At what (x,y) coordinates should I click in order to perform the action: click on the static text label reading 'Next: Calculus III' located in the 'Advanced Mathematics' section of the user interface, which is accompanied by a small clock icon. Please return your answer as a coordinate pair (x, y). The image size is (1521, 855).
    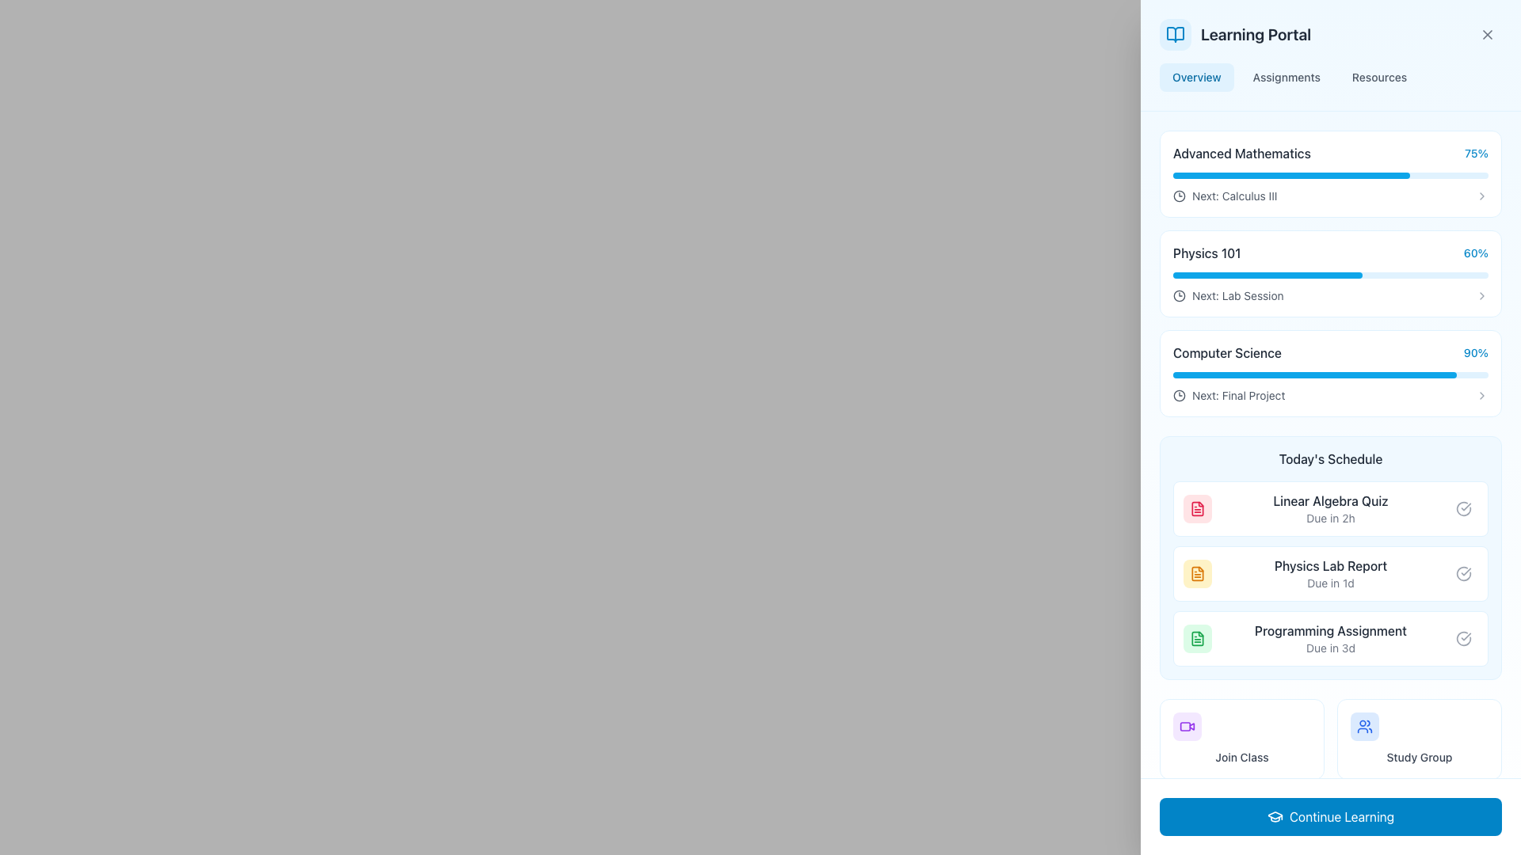
    Looking at the image, I should click on (1233, 195).